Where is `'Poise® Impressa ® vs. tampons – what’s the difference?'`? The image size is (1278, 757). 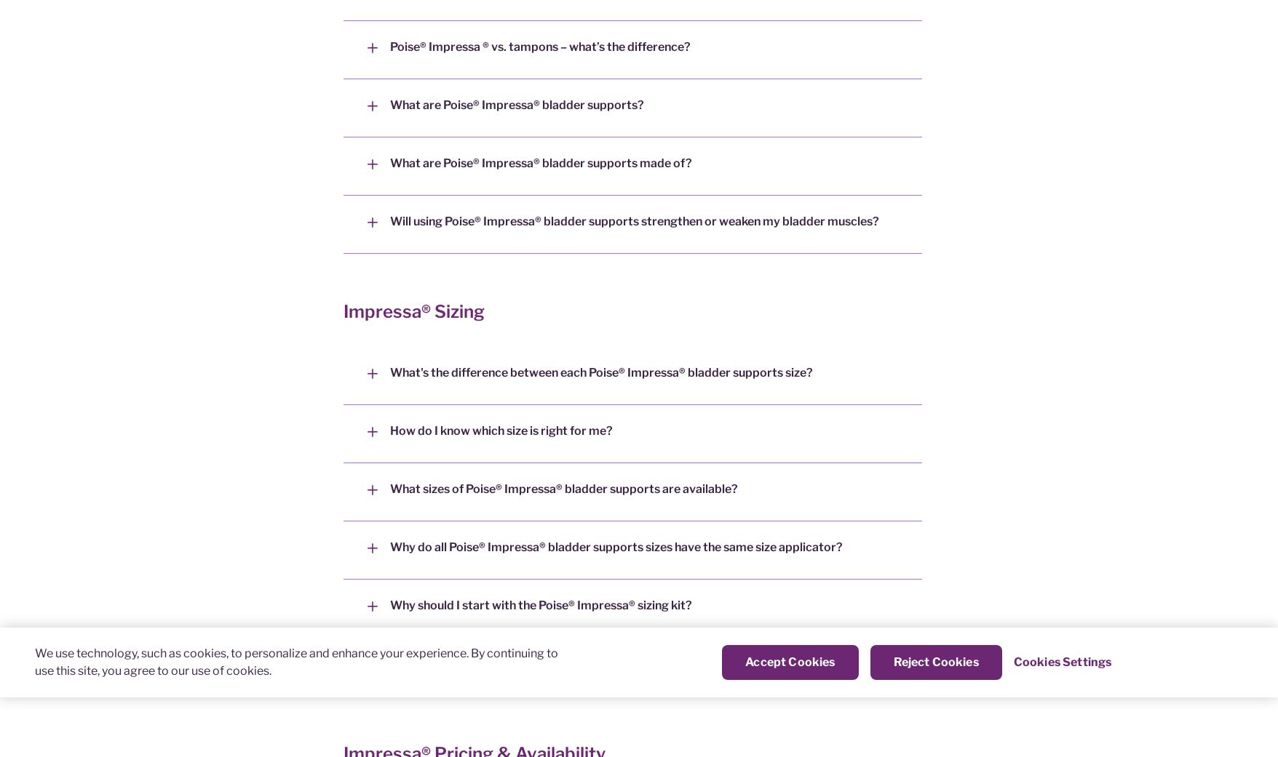 'Poise® Impressa ® vs. tampons – what’s the difference?' is located at coordinates (540, 46).